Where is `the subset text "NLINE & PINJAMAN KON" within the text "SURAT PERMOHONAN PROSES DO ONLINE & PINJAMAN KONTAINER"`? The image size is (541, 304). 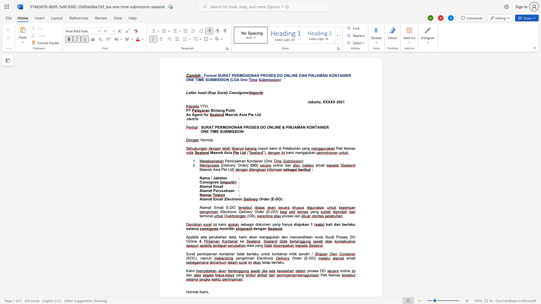
the subset text "NLINE & PINJAMAN KON" within the text "SURAT PERMOHONAN PROSES DO ONLINE & PINJAMAN KONTAINER" is located at coordinates (269, 127).